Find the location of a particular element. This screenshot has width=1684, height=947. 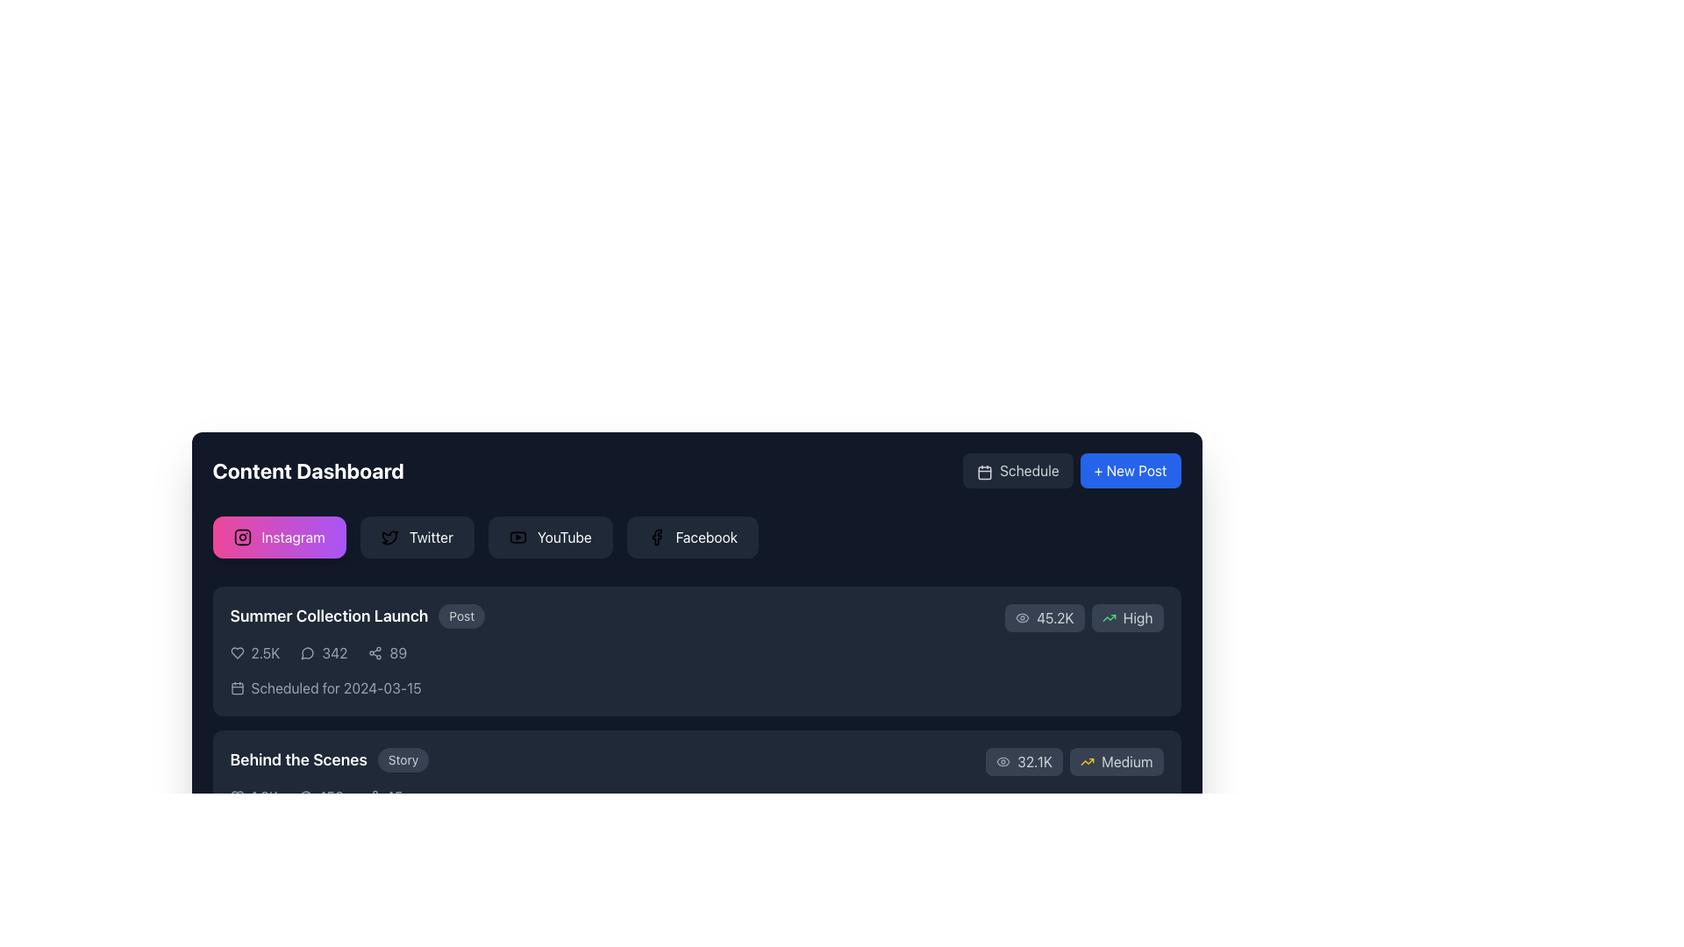

the Label with Icon displaying the numeric value '45.2K' and an eye icon, which is located on the right part of the content list is located at coordinates (1045, 617).